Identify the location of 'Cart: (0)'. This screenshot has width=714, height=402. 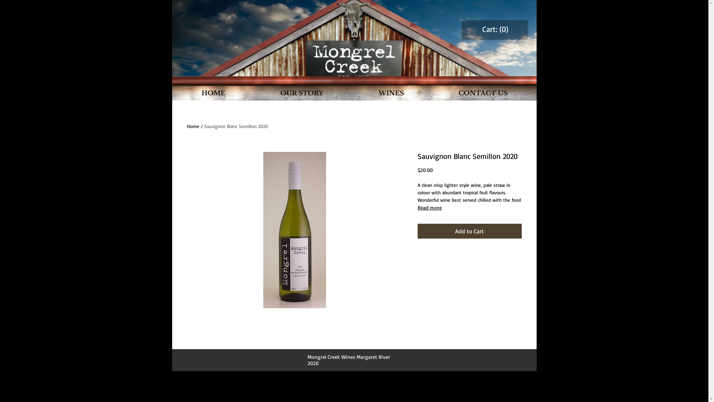
(495, 29).